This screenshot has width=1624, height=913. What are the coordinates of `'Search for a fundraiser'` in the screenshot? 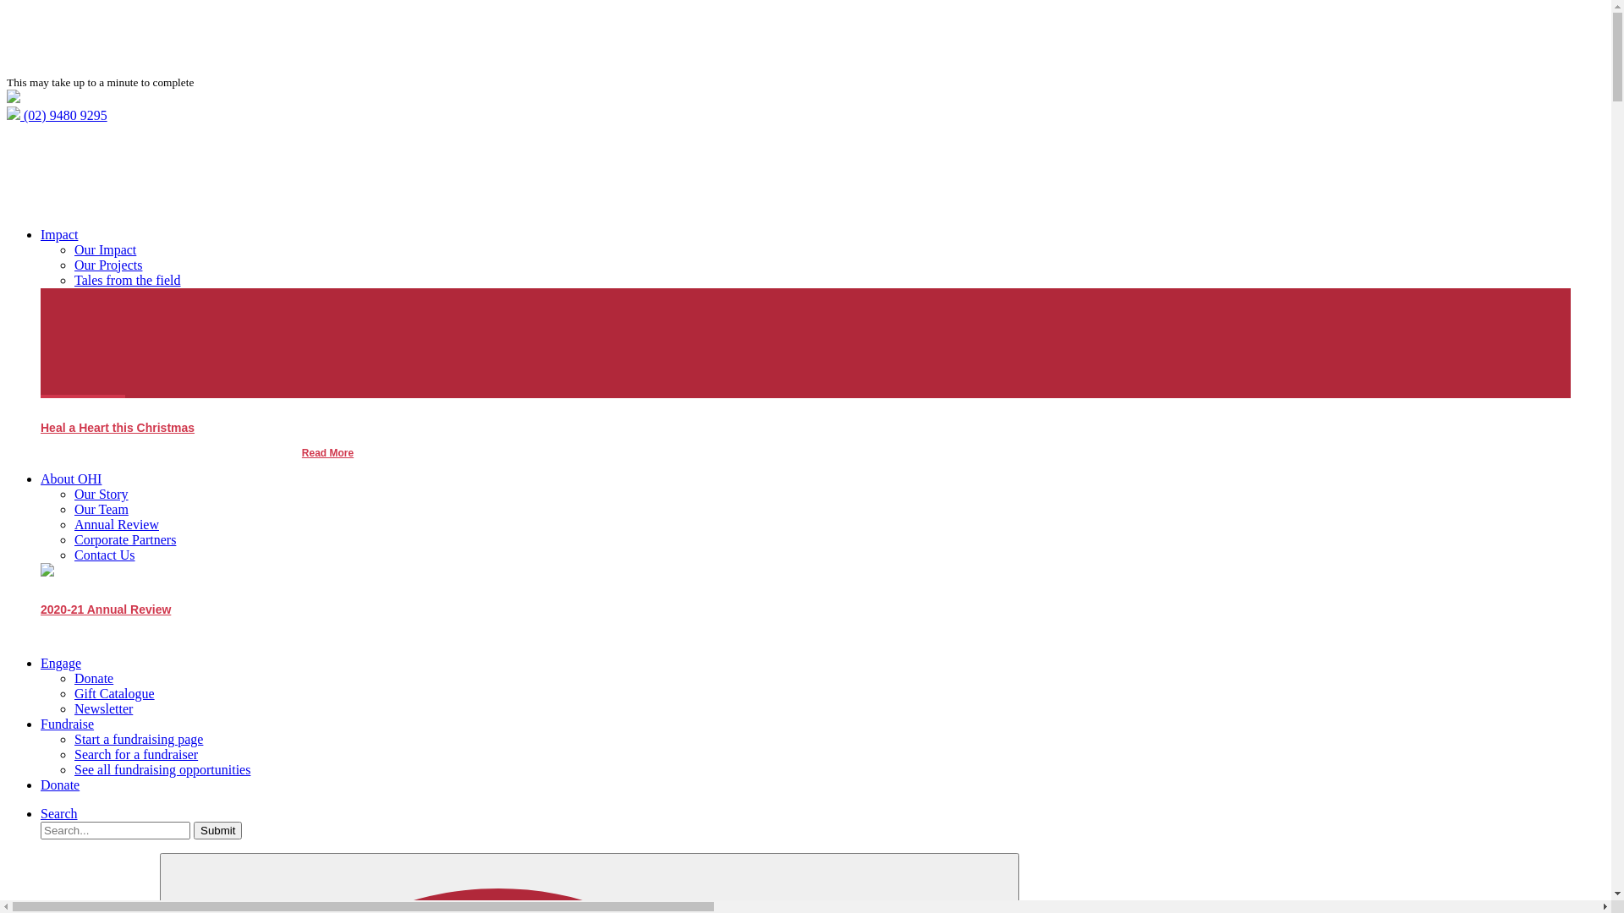 It's located at (73, 753).